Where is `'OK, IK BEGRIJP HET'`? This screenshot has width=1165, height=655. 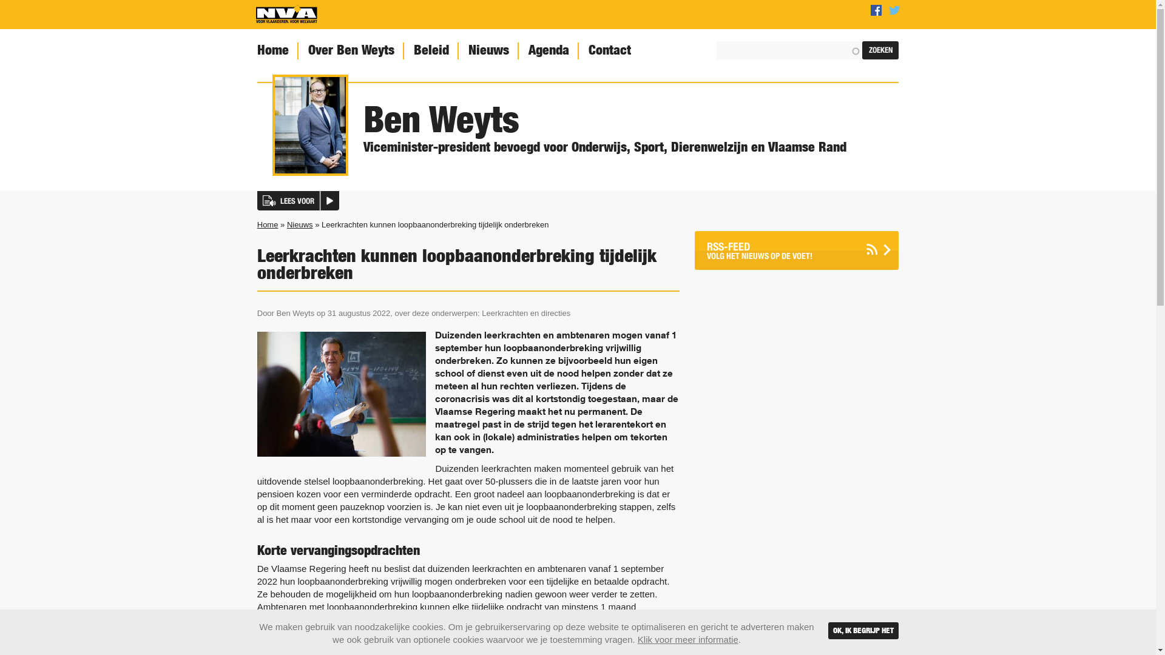 'OK, IK BEGRIJP HET' is located at coordinates (862, 630).